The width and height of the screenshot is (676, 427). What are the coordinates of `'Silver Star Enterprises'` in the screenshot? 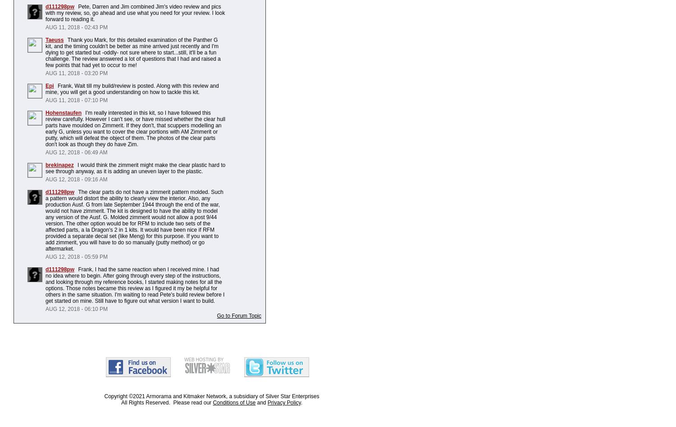 It's located at (292, 396).